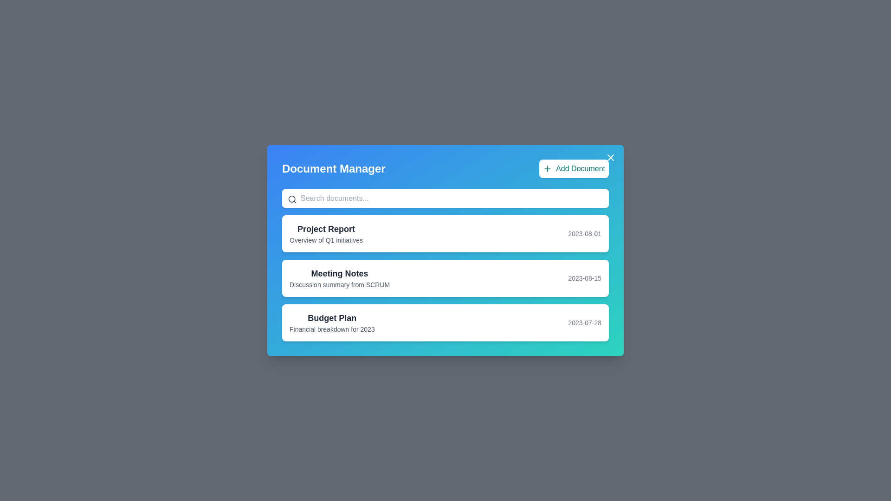  I want to click on the close button in the top-right corner of the dialog, so click(610, 157).